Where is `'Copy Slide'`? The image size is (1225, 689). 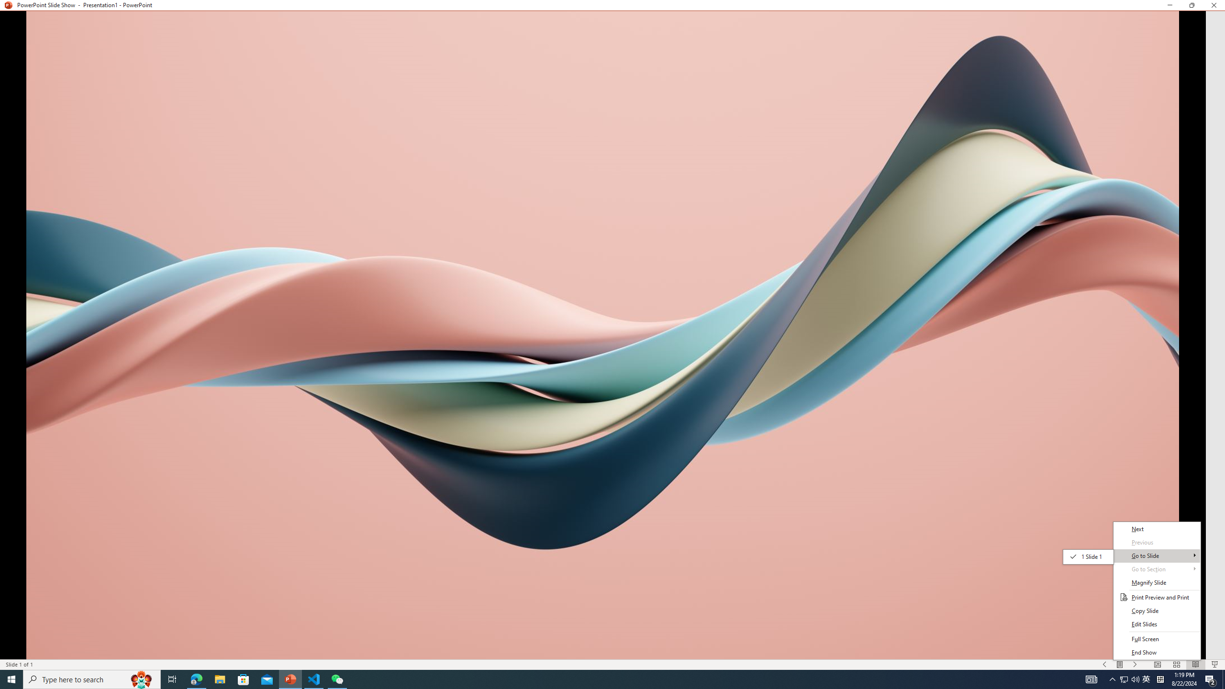
'Copy Slide' is located at coordinates (1157, 611).